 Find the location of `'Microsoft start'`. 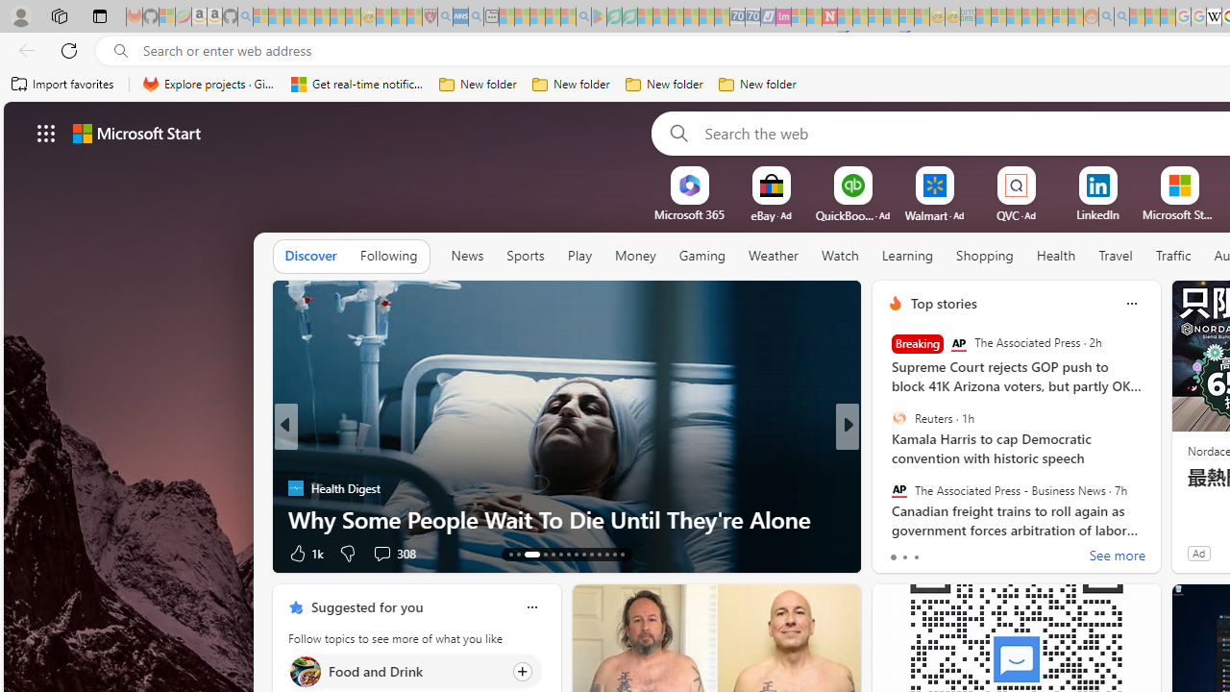

'Microsoft start' is located at coordinates (135, 132).